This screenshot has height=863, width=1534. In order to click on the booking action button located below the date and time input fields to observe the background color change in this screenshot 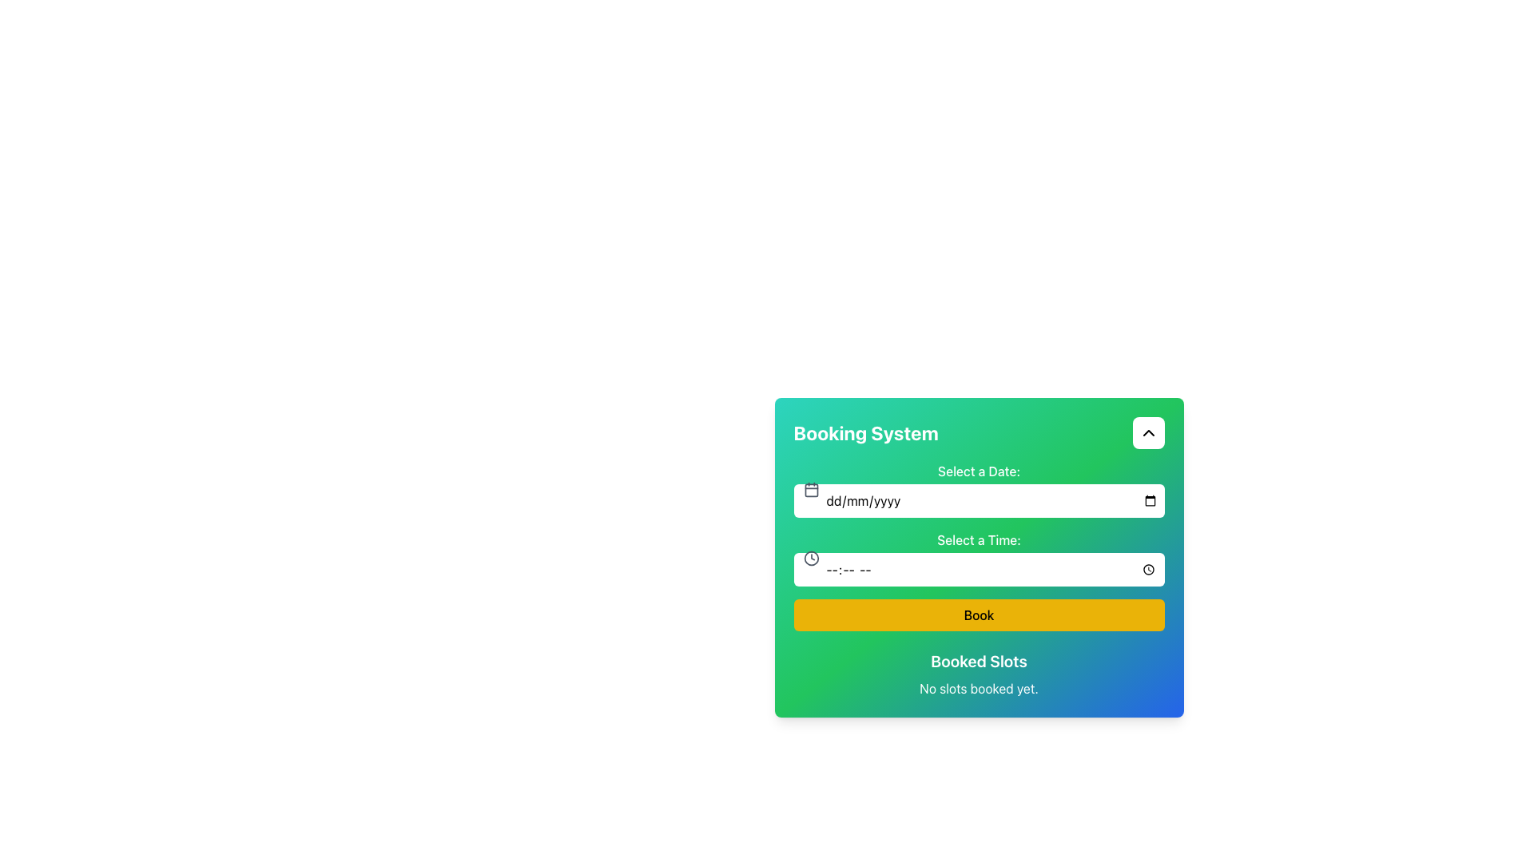, I will do `click(978, 614)`.